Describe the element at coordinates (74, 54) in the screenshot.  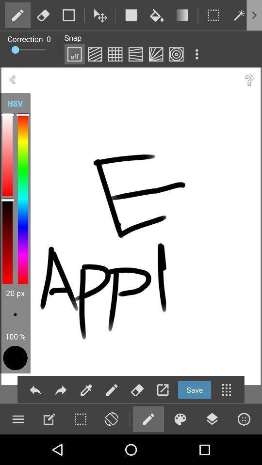
I see `off` at that location.